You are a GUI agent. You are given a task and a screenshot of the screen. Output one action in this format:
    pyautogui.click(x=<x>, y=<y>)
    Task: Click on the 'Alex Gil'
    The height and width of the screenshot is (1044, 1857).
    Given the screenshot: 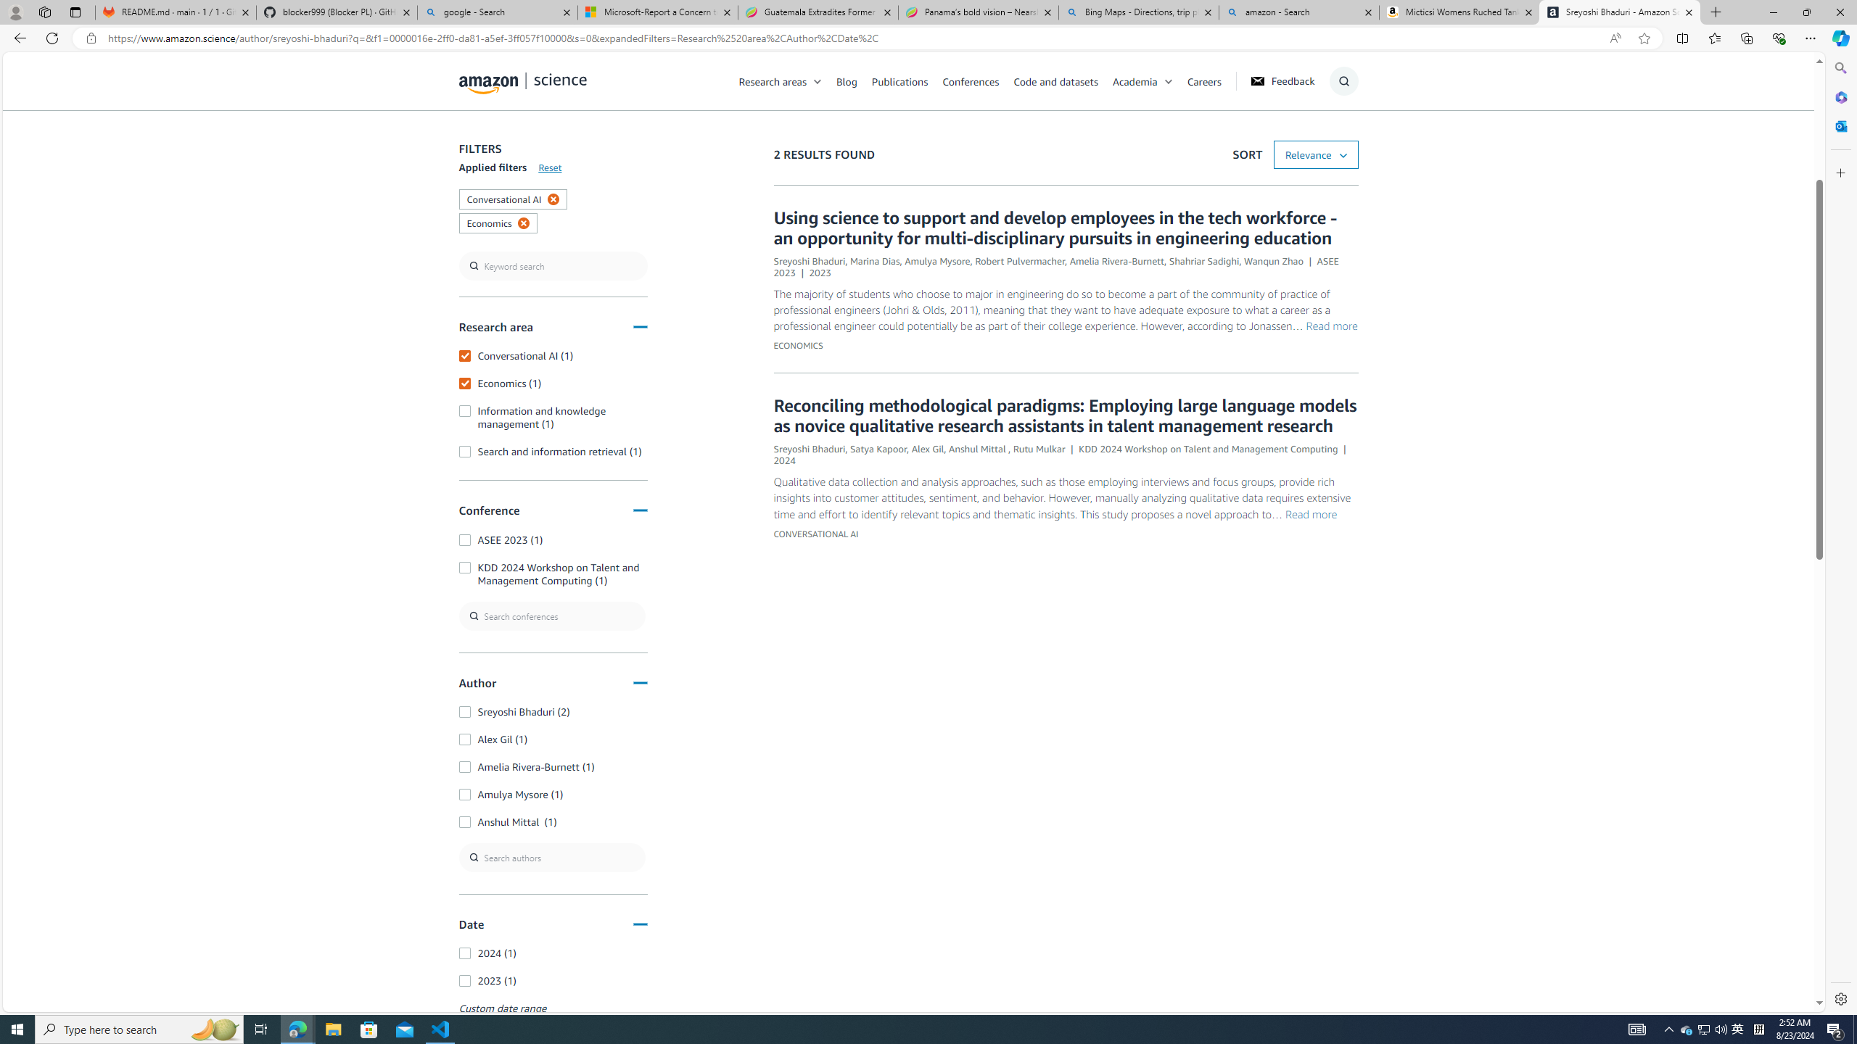 What is the action you would take?
    pyautogui.click(x=928, y=448)
    